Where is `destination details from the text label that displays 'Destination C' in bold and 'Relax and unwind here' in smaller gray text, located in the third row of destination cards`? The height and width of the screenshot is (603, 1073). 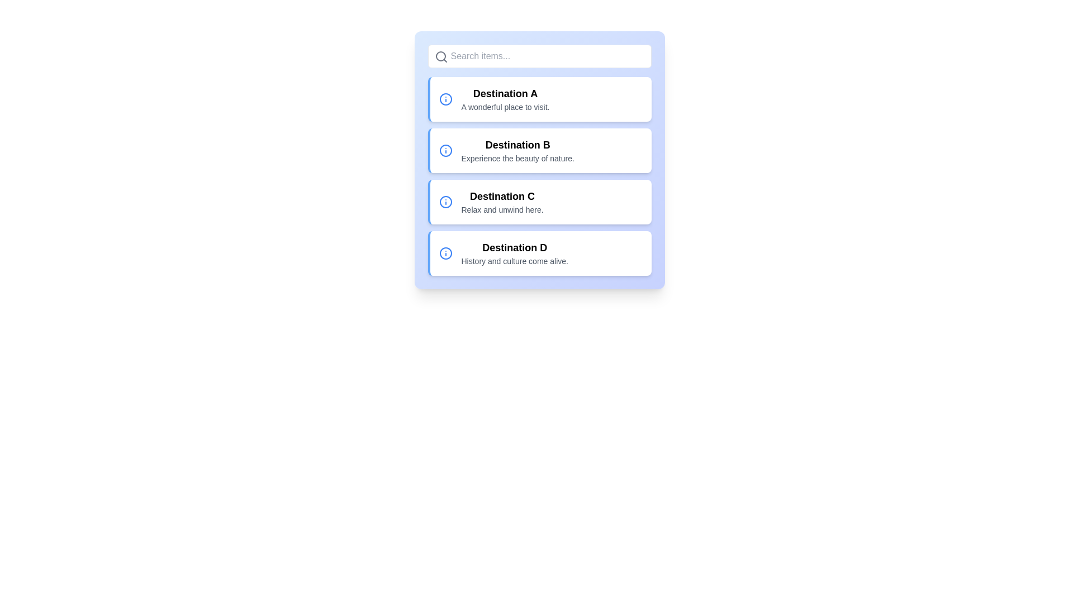
destination details from the text label that displays 'Destination C' in bold and 'Relax and unwind here' in smaller gray text, located in the third row of destination cards is located at coordinates (502, 202).